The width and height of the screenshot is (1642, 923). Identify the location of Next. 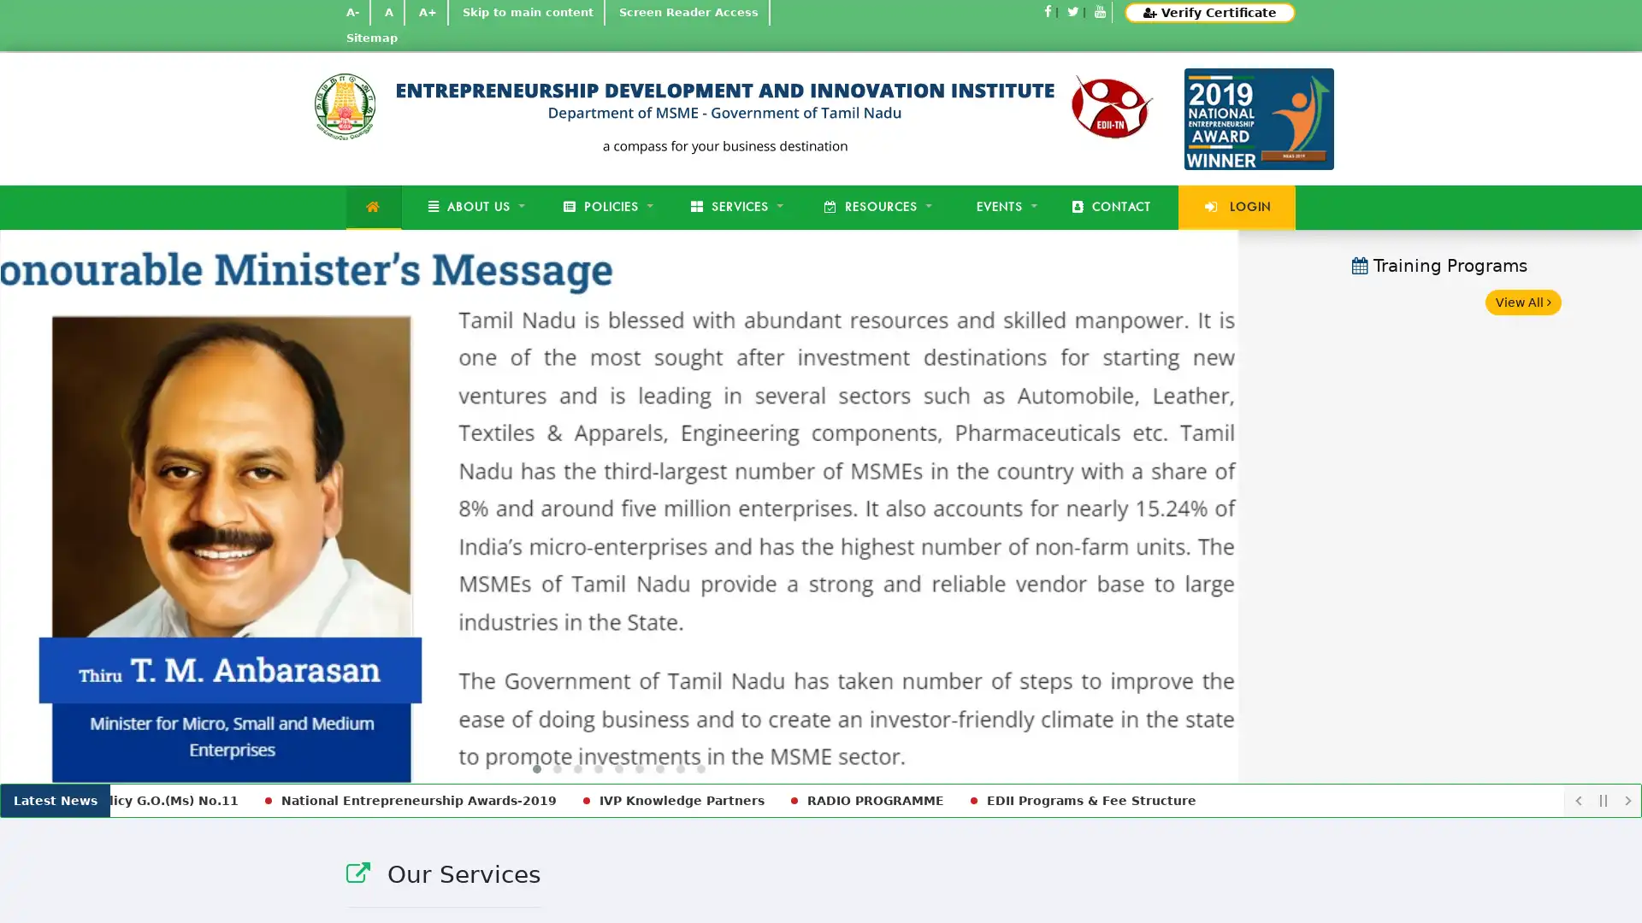
(1202, 488).